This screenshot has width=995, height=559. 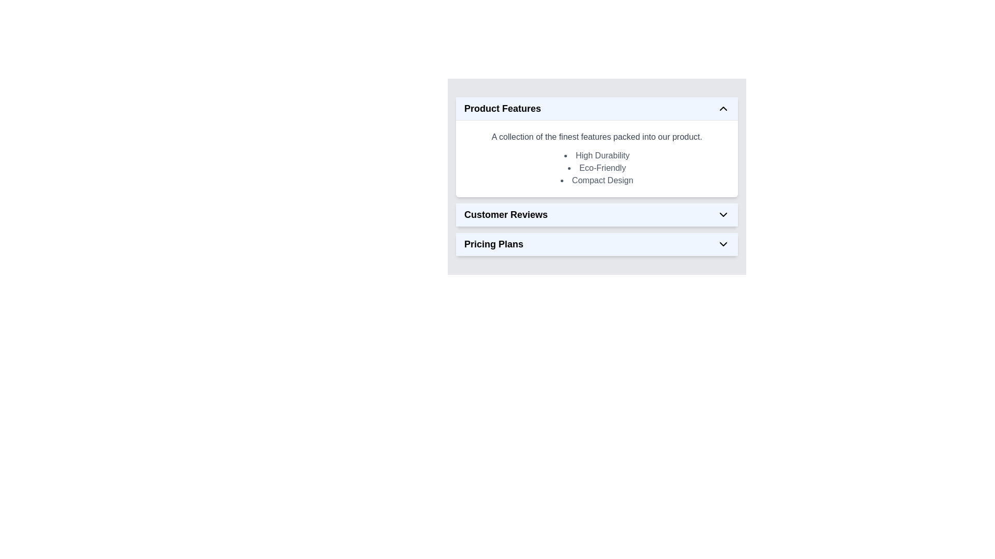 I want to click on the 'Customer Reviews' text label, which serves as a descriptive label indicating the content or functionality associated with customer feedback, so click(x=506, y=214).